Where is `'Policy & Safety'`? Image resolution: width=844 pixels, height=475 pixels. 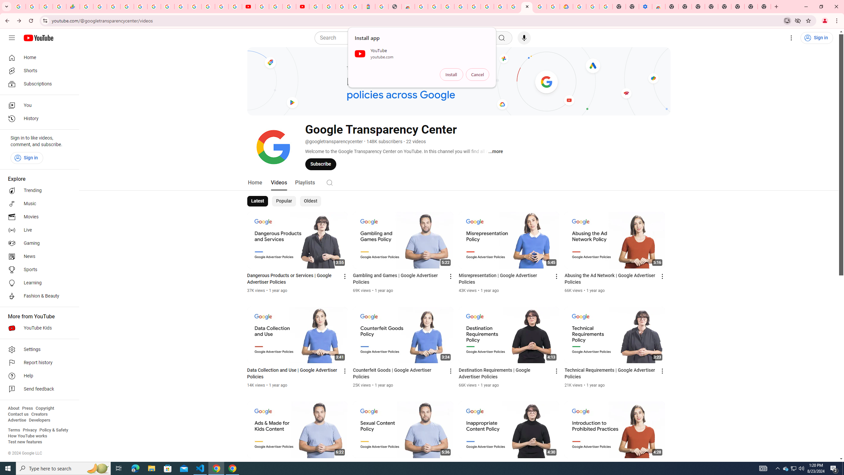 'Policy & Safety' is located at coordinates (53, 429).